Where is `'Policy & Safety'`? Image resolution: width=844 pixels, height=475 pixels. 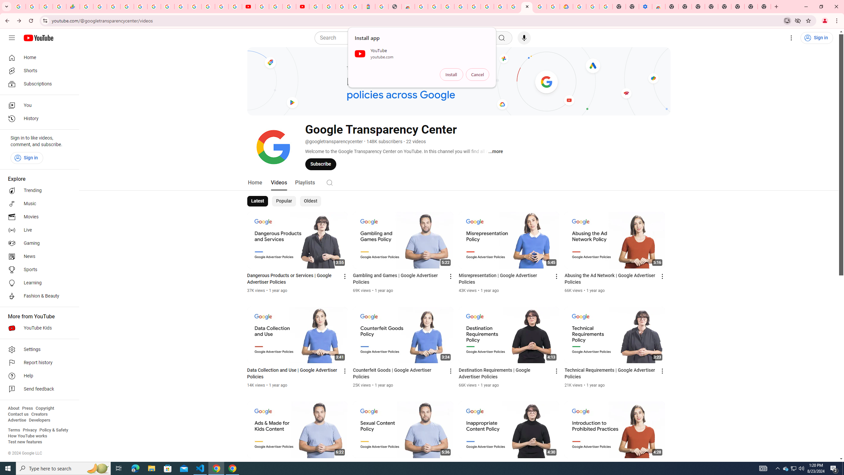 'Policy & Safety' is located at coordinates (53, 429).